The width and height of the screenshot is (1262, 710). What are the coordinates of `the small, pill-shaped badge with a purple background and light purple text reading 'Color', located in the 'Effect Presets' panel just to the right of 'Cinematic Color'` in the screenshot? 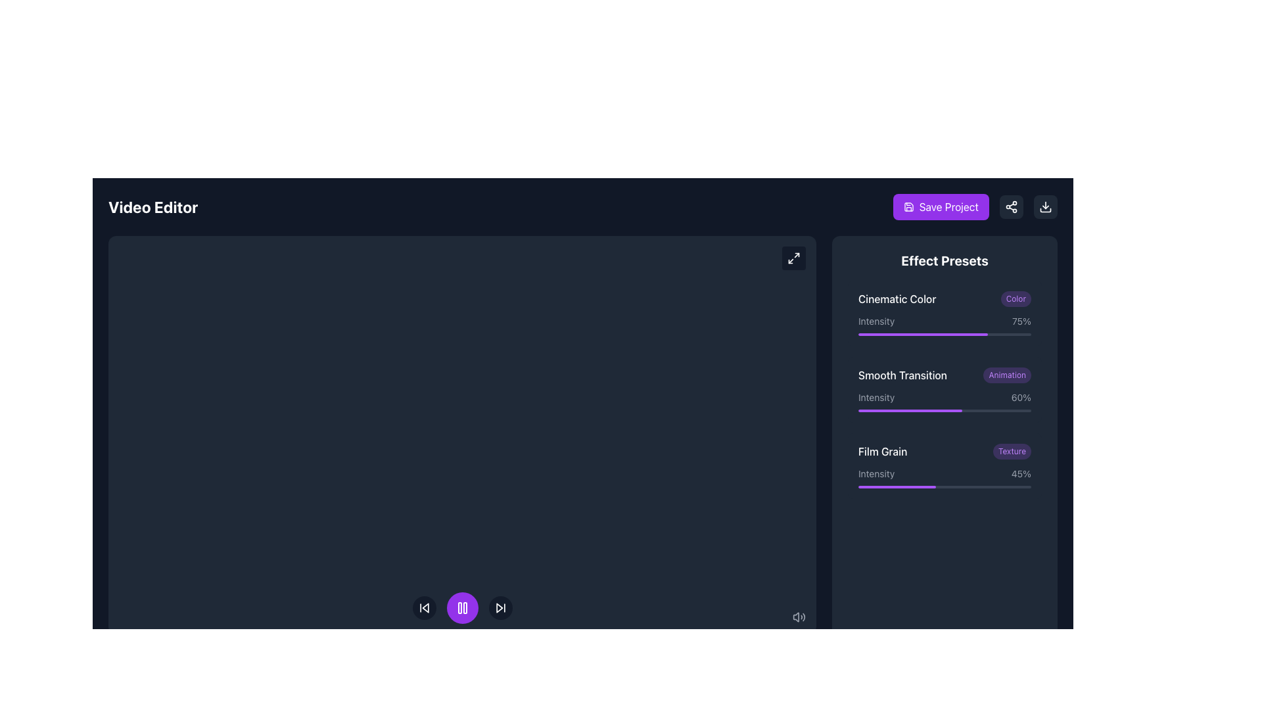 It's located at (1015, 299).